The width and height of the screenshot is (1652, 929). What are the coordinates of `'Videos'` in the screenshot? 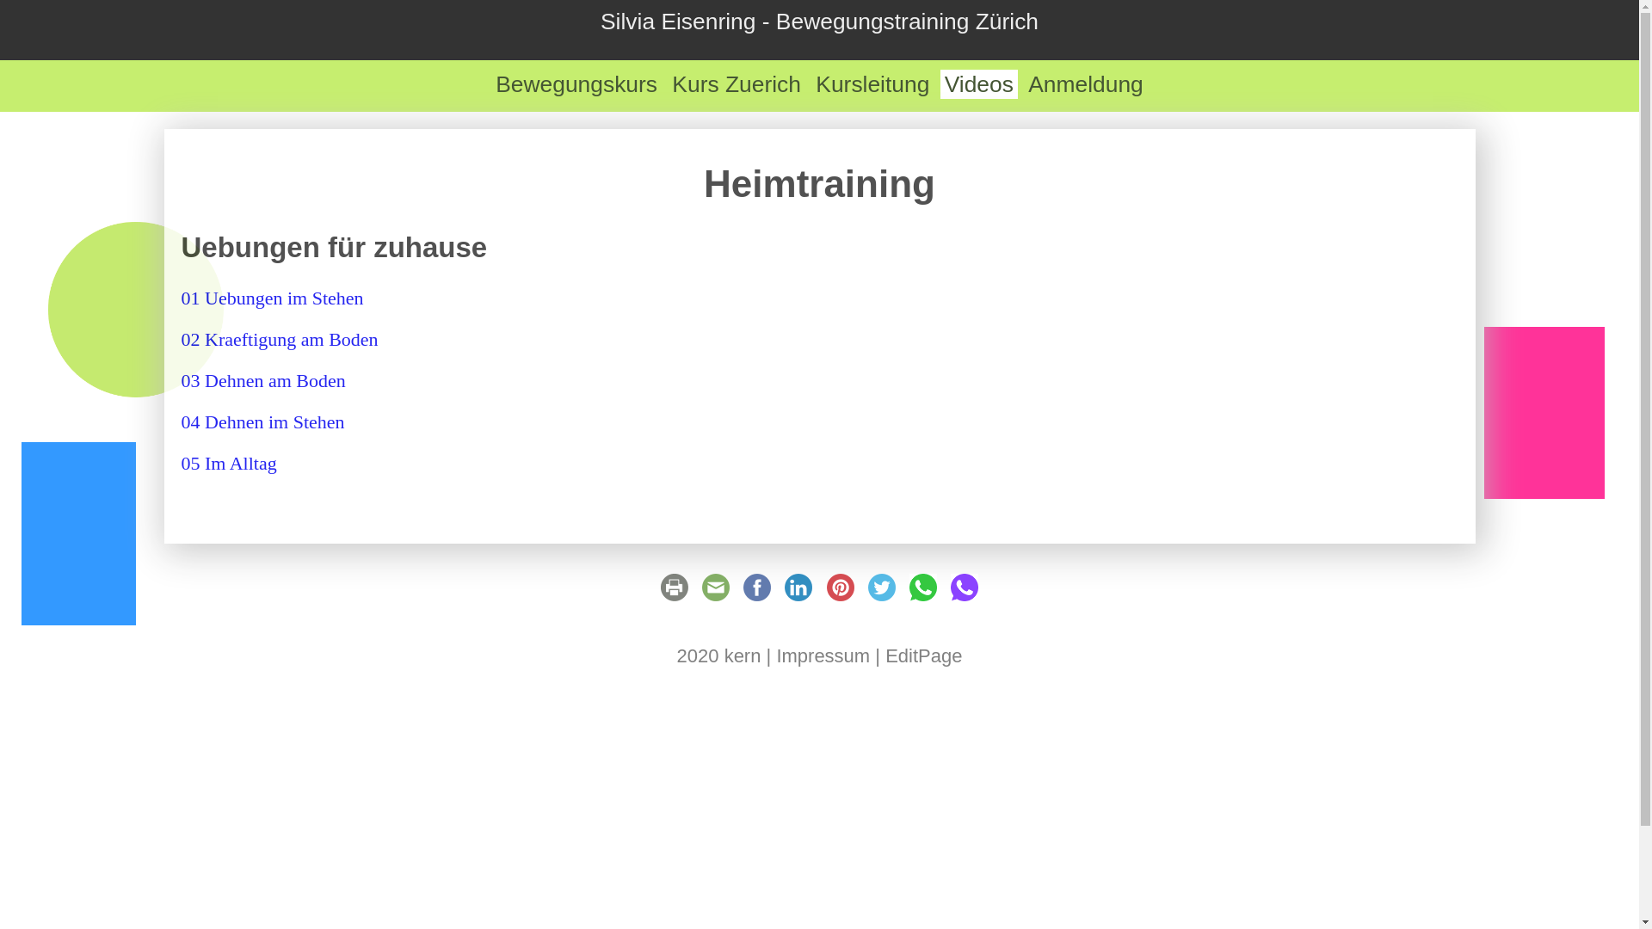 It's located at (940, 83).